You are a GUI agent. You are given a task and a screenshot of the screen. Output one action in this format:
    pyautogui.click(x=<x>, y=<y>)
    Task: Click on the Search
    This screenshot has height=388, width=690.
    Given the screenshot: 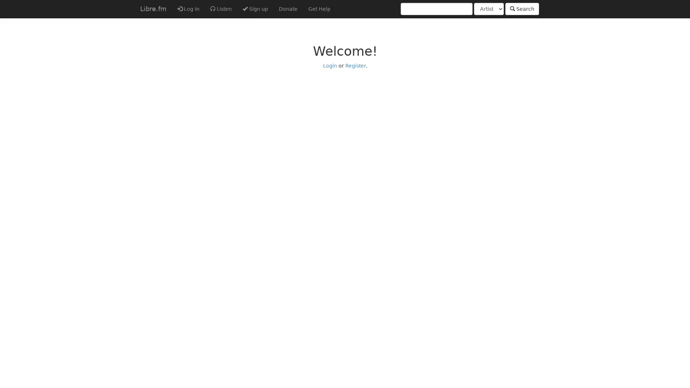 What is the action you would take?
    pyautogui.click(x=522, y=9)
    